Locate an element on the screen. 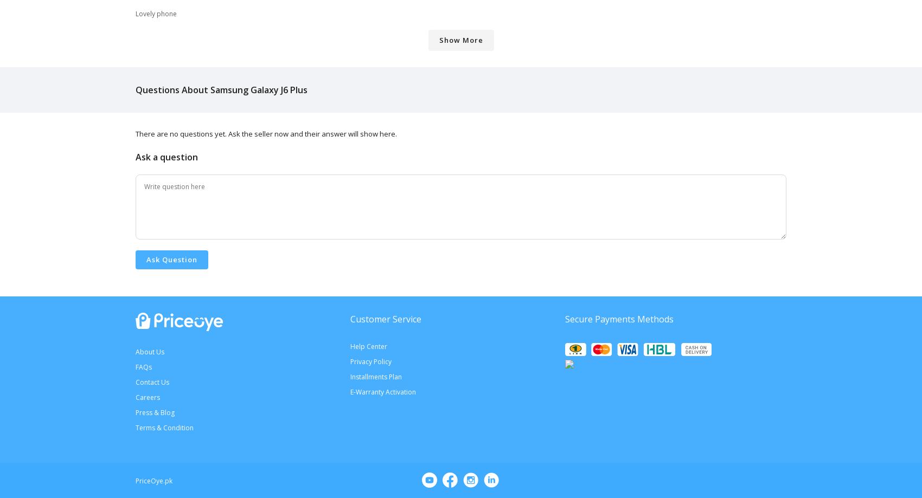 The image size is (922, 498). 'PriceOye.pk' is located at coordinates (154, 480).